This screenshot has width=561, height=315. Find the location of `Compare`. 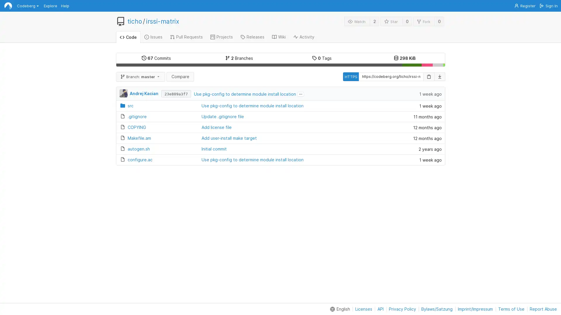

Compare is located at coordinates (180, 76).